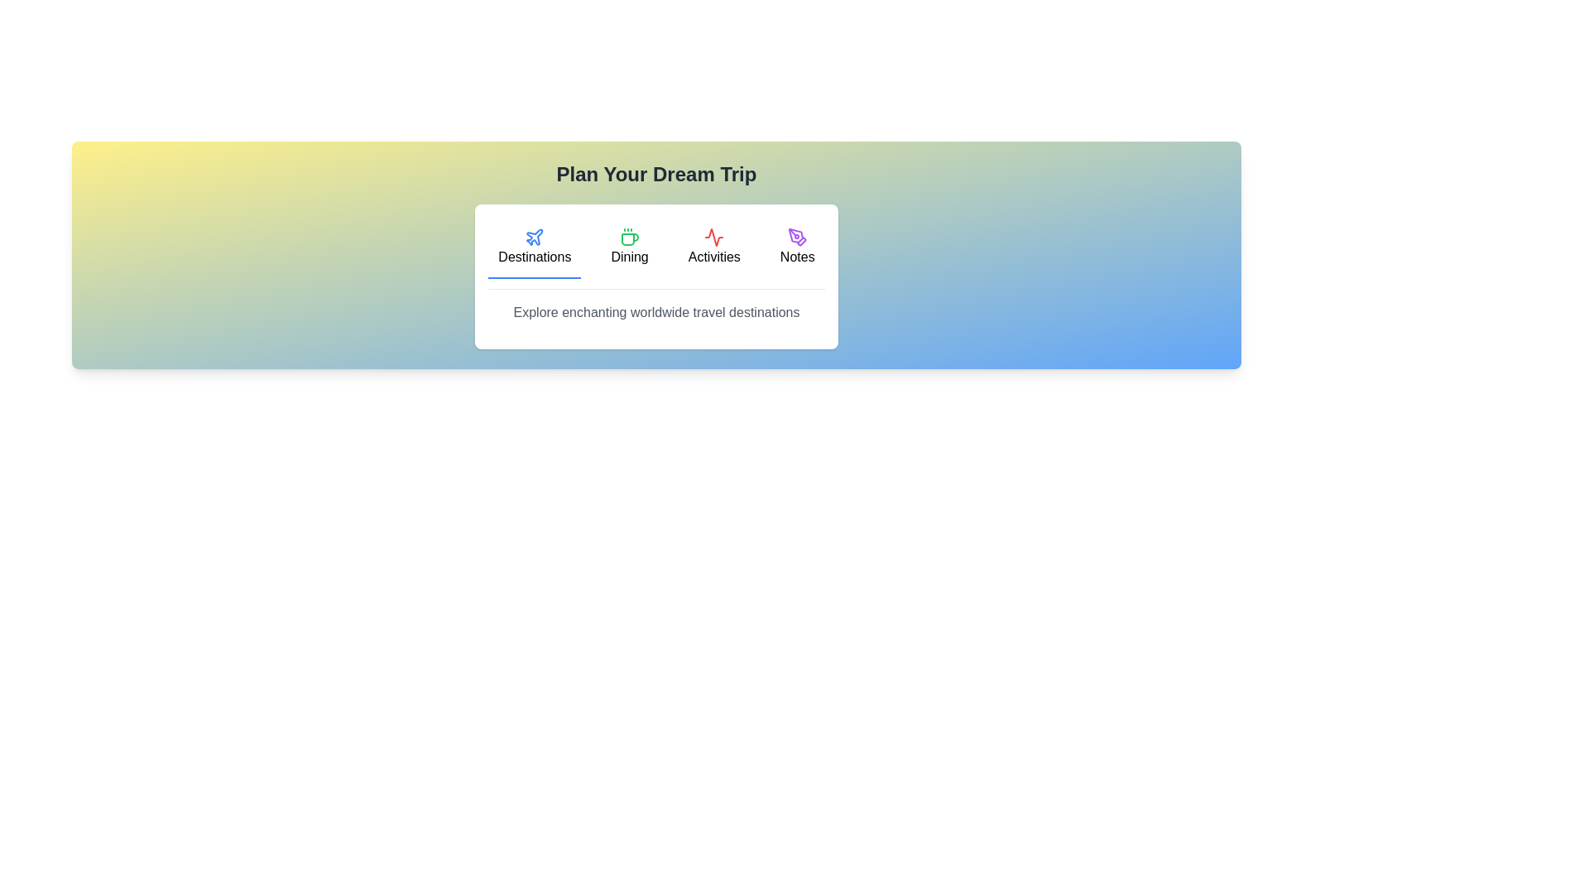  I want to click on the tab labeled Dining, so click(629, 248).